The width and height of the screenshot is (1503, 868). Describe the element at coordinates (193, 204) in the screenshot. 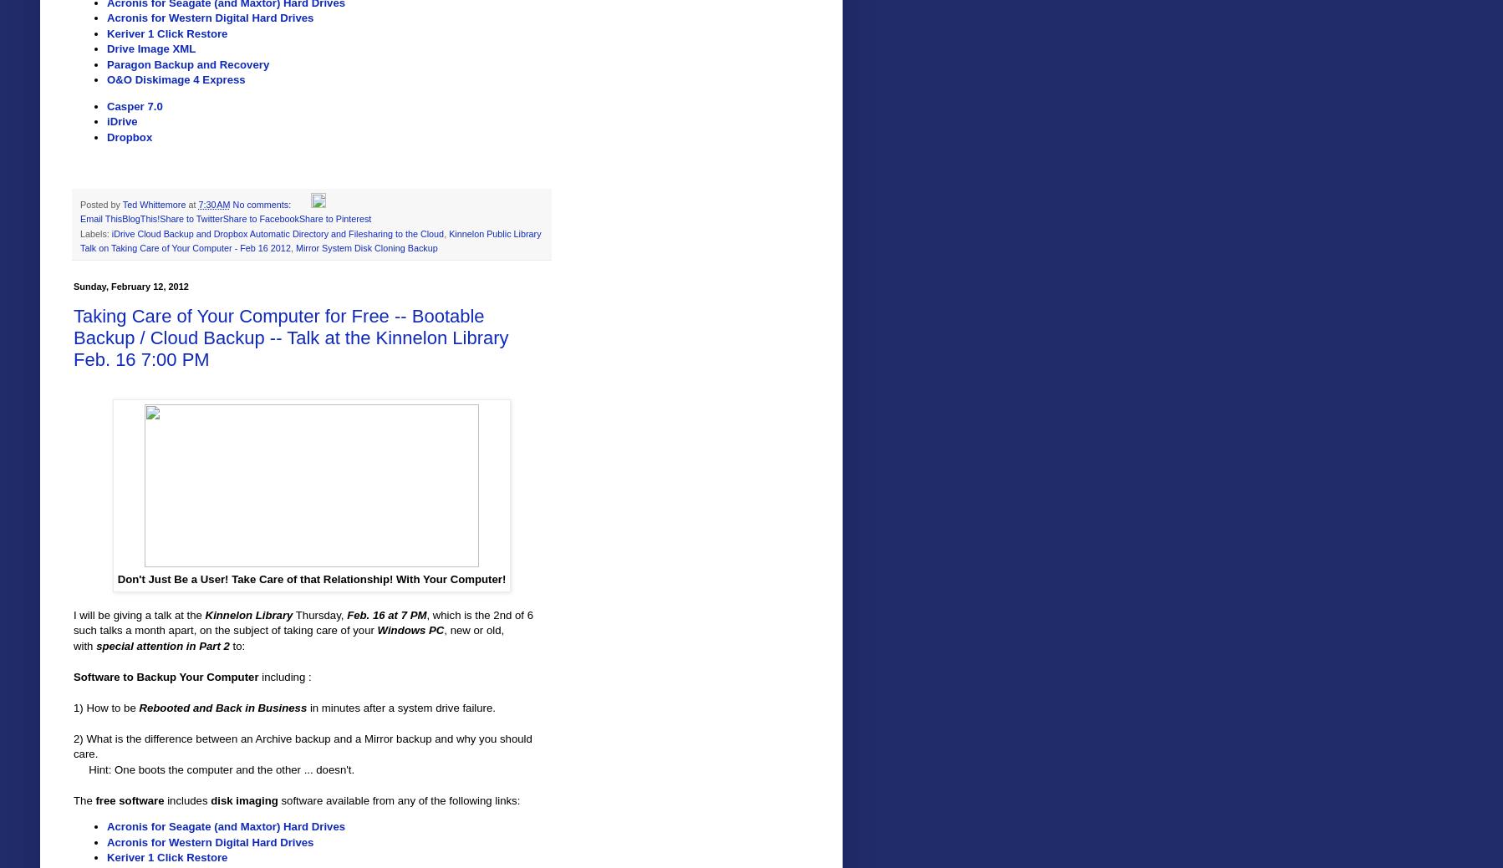

I see `'at'` at that location.